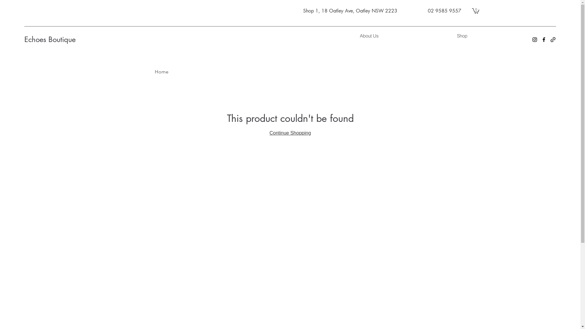 The width and height of the screenshot is (585, 329). What do you see at coordinates (289, 133) in the screenshot?
I see `'Continue Shopping'` at bounding box center [289, 133].